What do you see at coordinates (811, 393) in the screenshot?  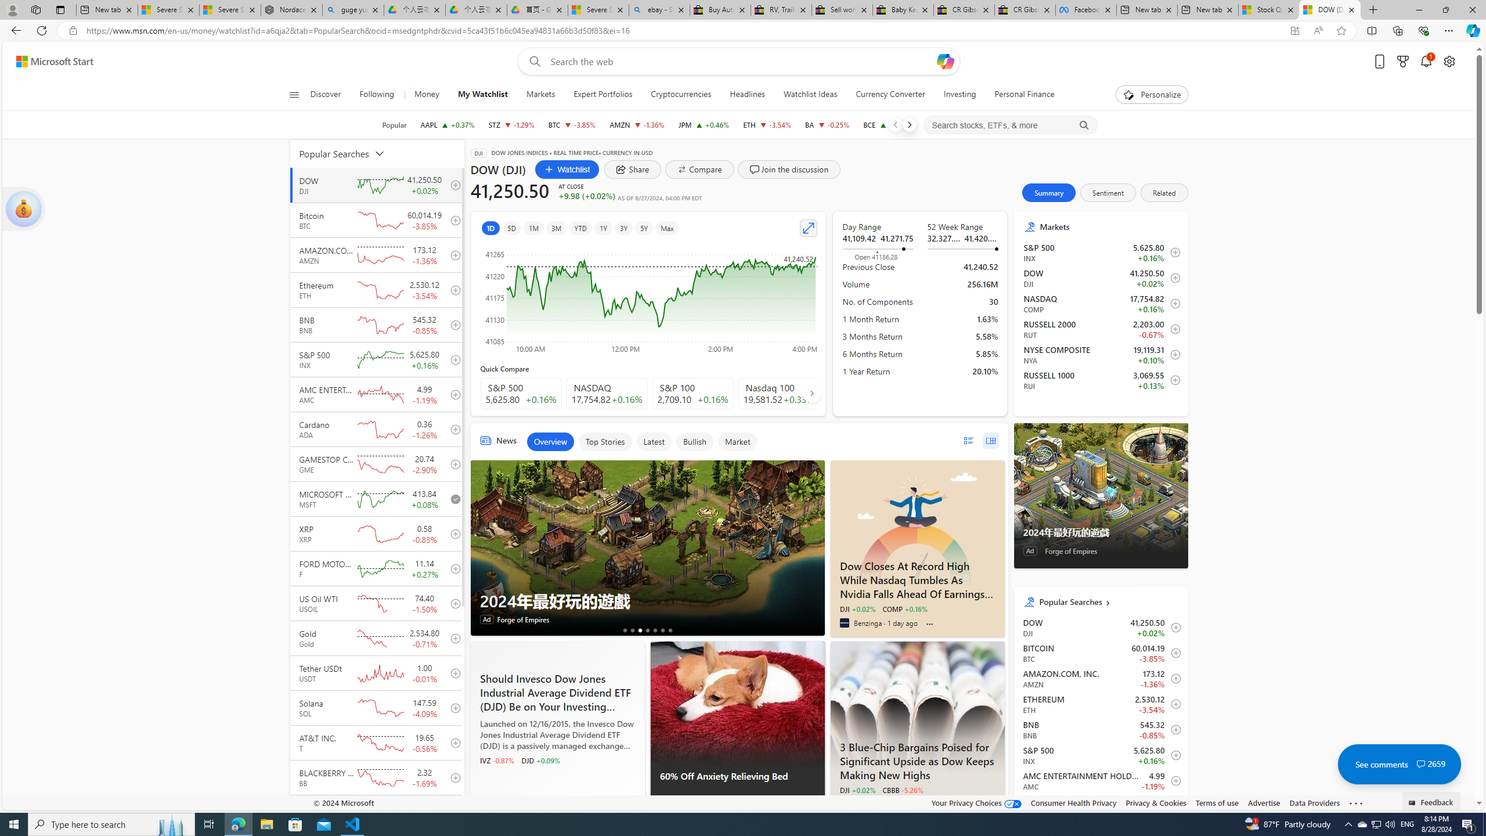 I see `'AutomationID: finance_carousel_navi_arrow'` at bounding box center [811, 393].